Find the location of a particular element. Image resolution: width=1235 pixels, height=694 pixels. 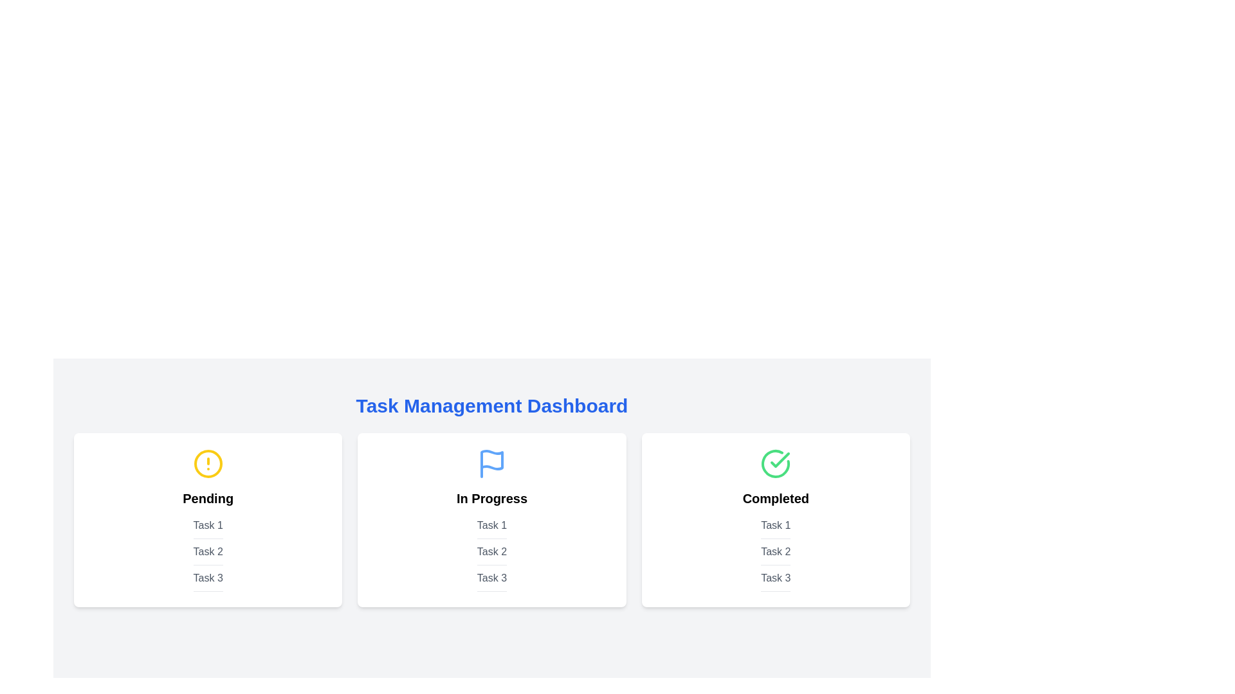

the circular yellow warning icon with an exclamation mark located above the text 'Pending' in the first card of the dashboard interface to acknowledge the status is located at coordinates (208, 463).